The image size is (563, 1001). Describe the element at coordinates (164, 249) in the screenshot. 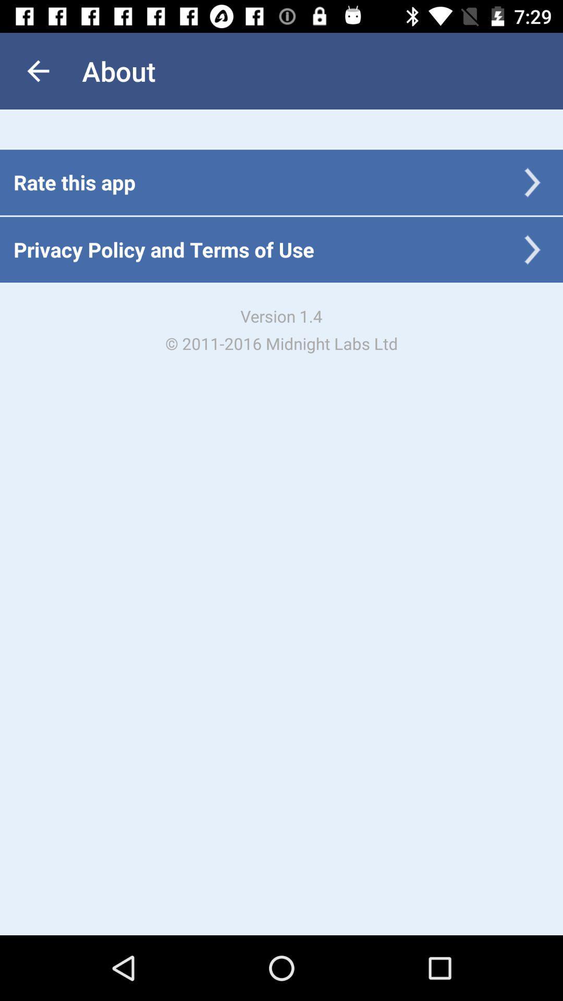

I see `the item above the version 1 4 item` at that location.